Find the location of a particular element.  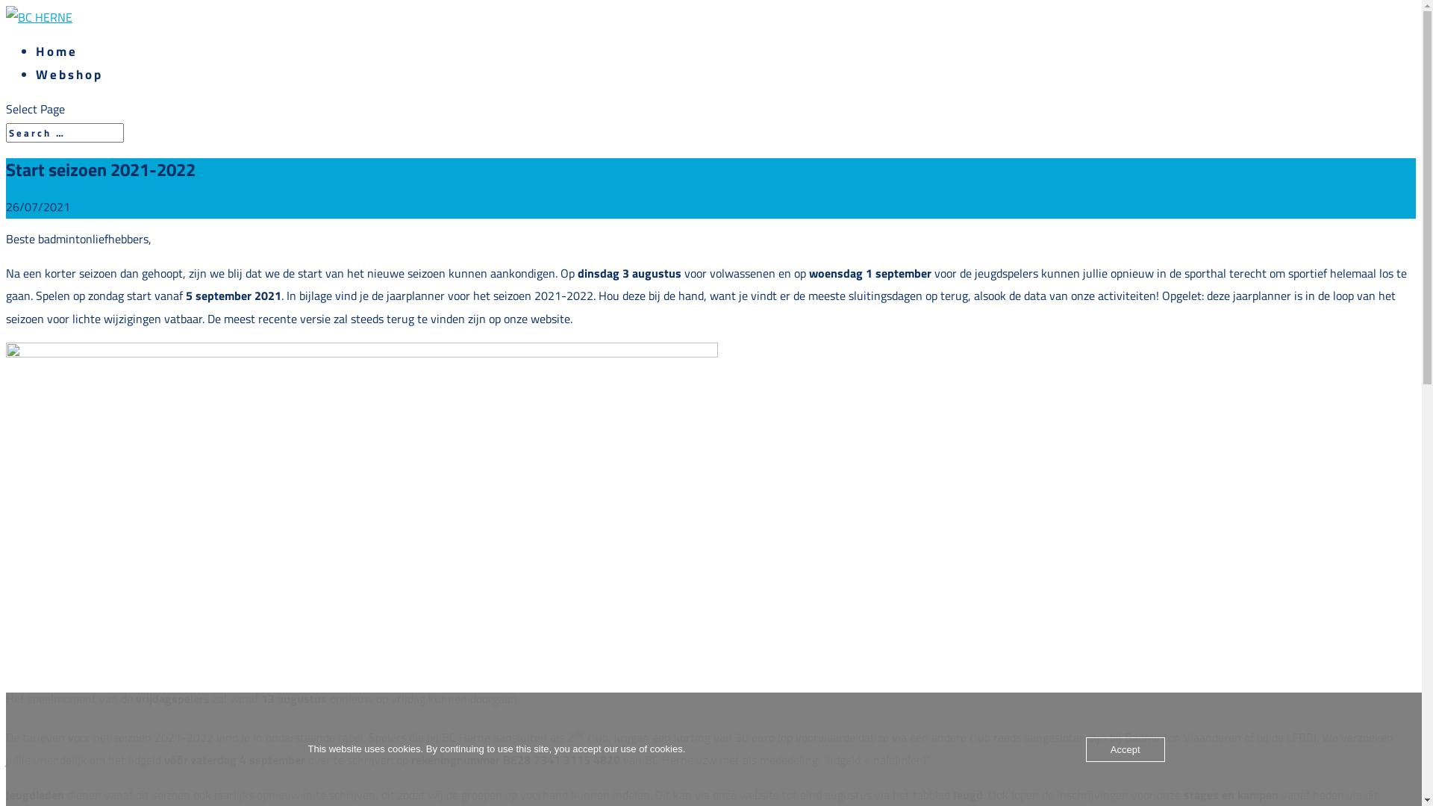

'Webshop' is located at coordinates (36, 75).